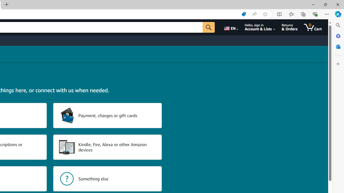 Image resolution: width=344 pixels, height=193 pixels. What do you see at coordinates (107, 115) in the screenshot?
I see `'Payment, charges or gift cards'` at bounding box center [107, 115].